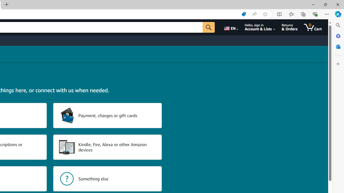 Image resolution: width=344 pixels, height=193 pixels. What do you see at coordinates (107, 115) in the screenshot?
I see `'Payment, charges or gift cards'` at bounding box center [107, 115].